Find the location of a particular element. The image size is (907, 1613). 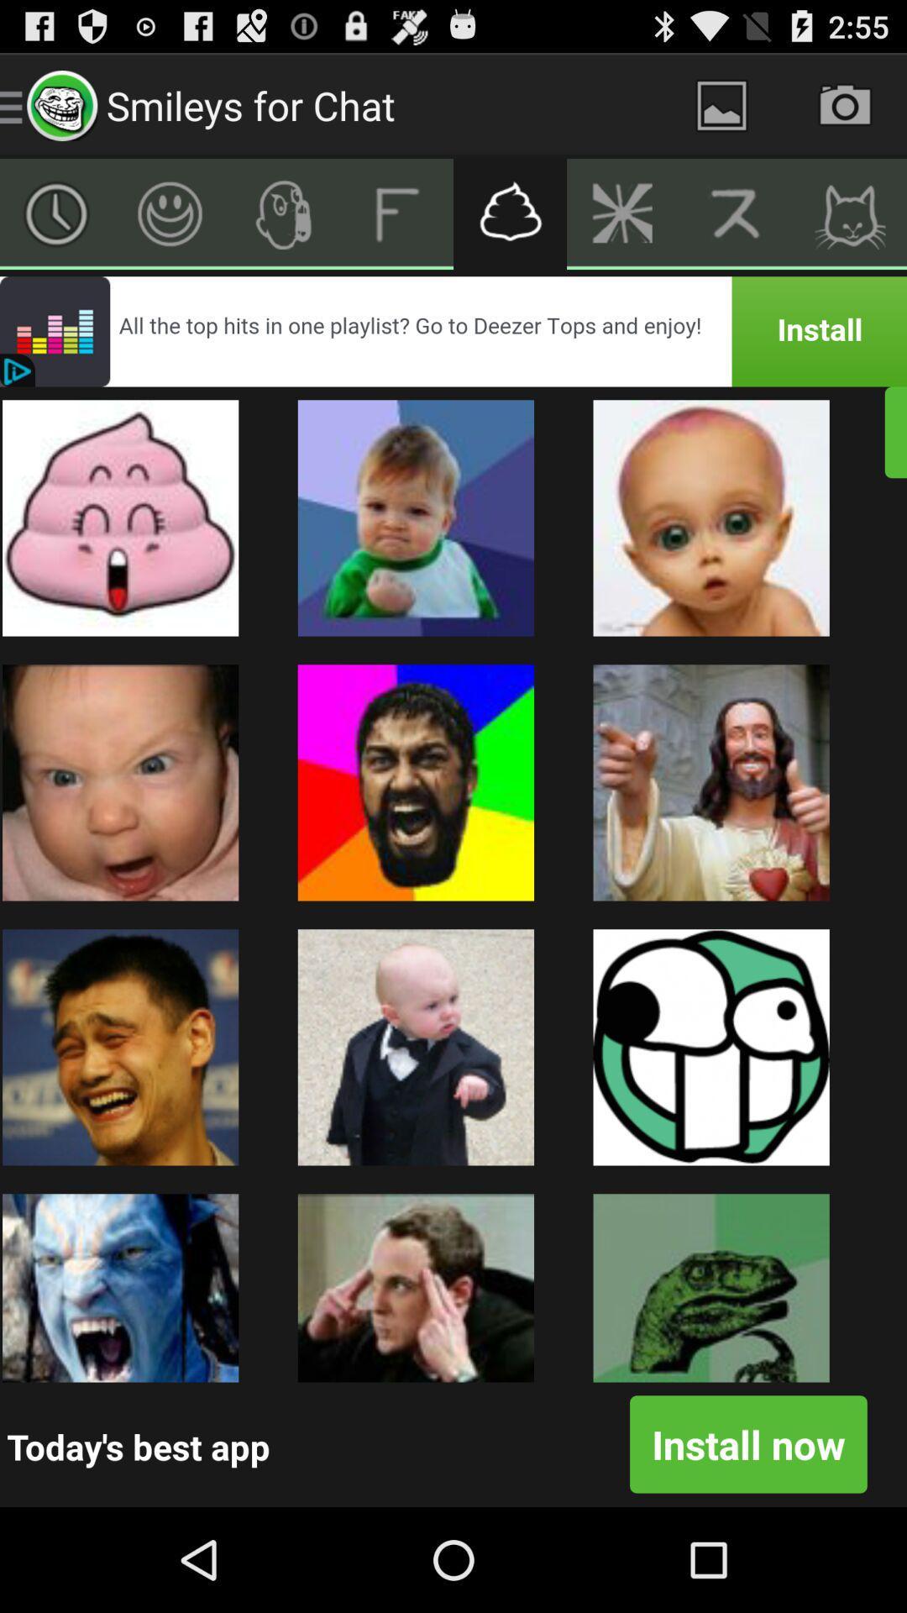

camera is located at coordinates (845, 104).